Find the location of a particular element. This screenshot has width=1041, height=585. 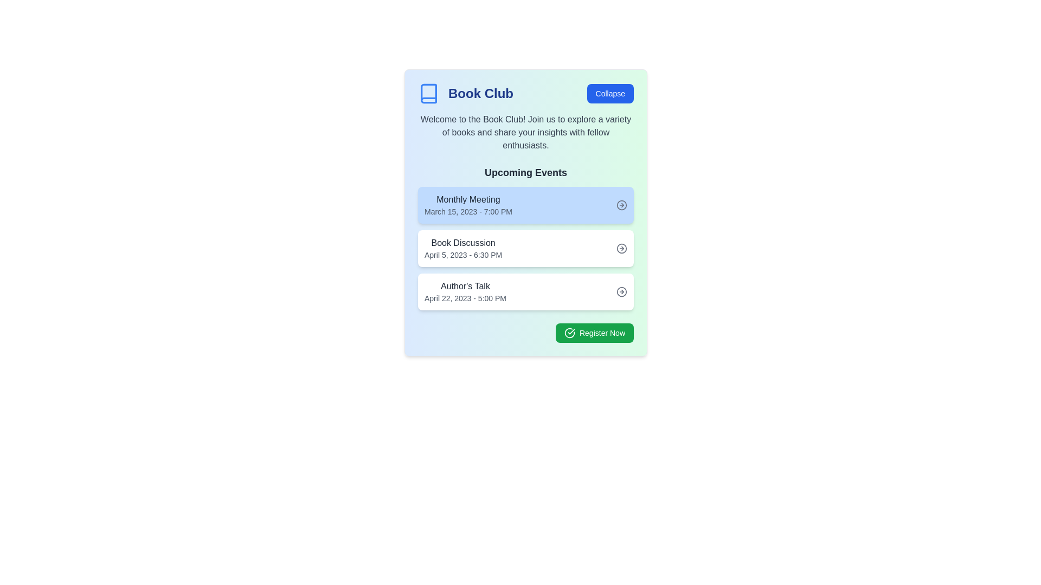

title 'Book Club' from the static text displayed in bold, large dark blue font, located in the header section of the card interface is located at coordinates (480, 93).